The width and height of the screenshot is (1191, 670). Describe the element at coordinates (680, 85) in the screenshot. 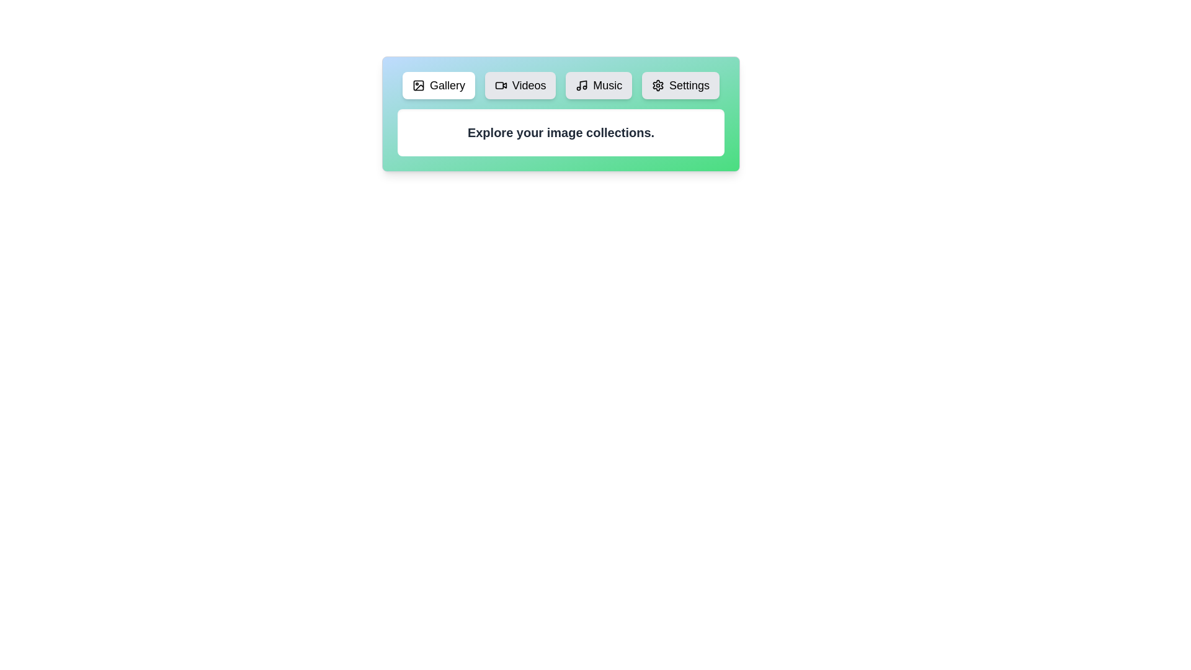

I see `the tab labeled Settings to examine its icon and label` at that location.